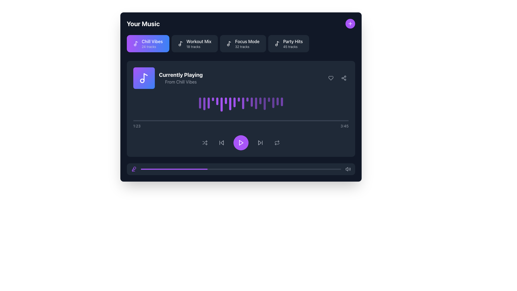 This screenshot has width=517, height=291. Describe the element at coordinates (208, 103) in the screenshot. I see `the third vertical purple bar in the audio level visual representation located below the 'Currently Playing' section` at that location.